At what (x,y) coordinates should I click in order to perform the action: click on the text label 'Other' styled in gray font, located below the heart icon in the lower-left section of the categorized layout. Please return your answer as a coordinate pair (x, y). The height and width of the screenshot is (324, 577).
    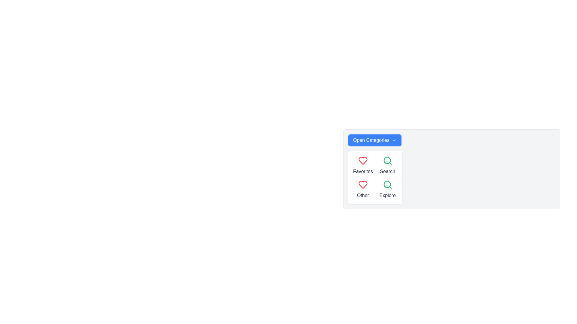
    Looking at the image, I should click on (362, 195).